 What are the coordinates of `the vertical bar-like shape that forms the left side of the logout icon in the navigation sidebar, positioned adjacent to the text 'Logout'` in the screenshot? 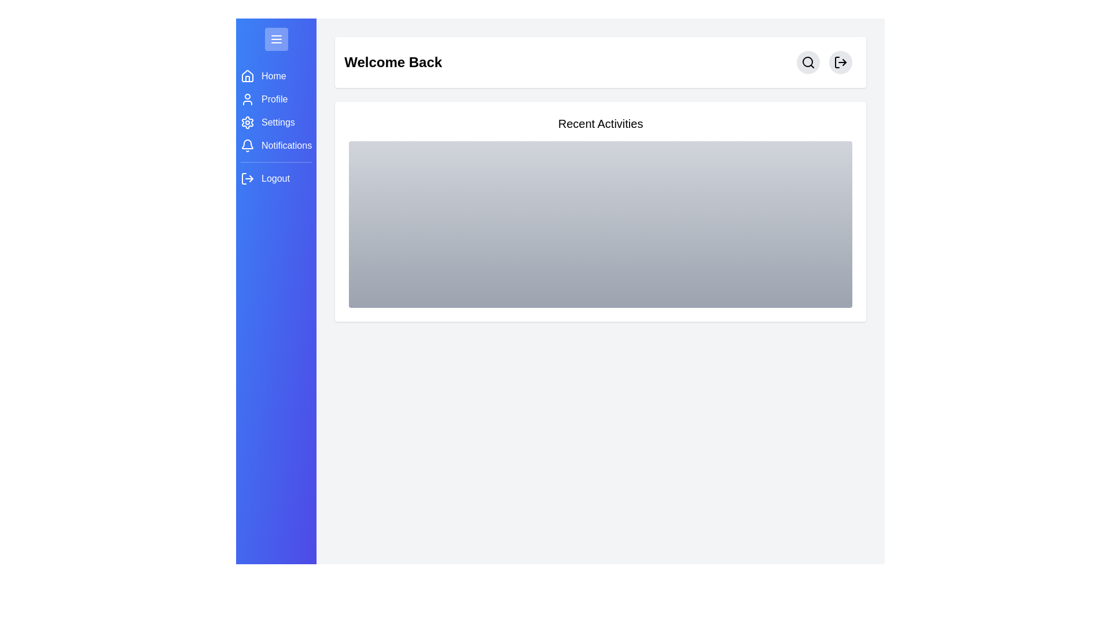 It's located at (244, 178).